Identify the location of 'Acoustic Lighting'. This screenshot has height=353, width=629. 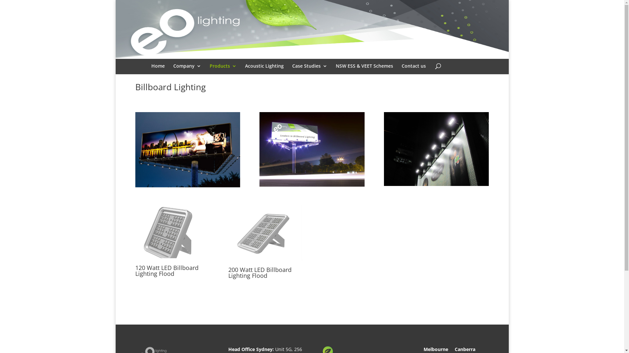
(264, 71).